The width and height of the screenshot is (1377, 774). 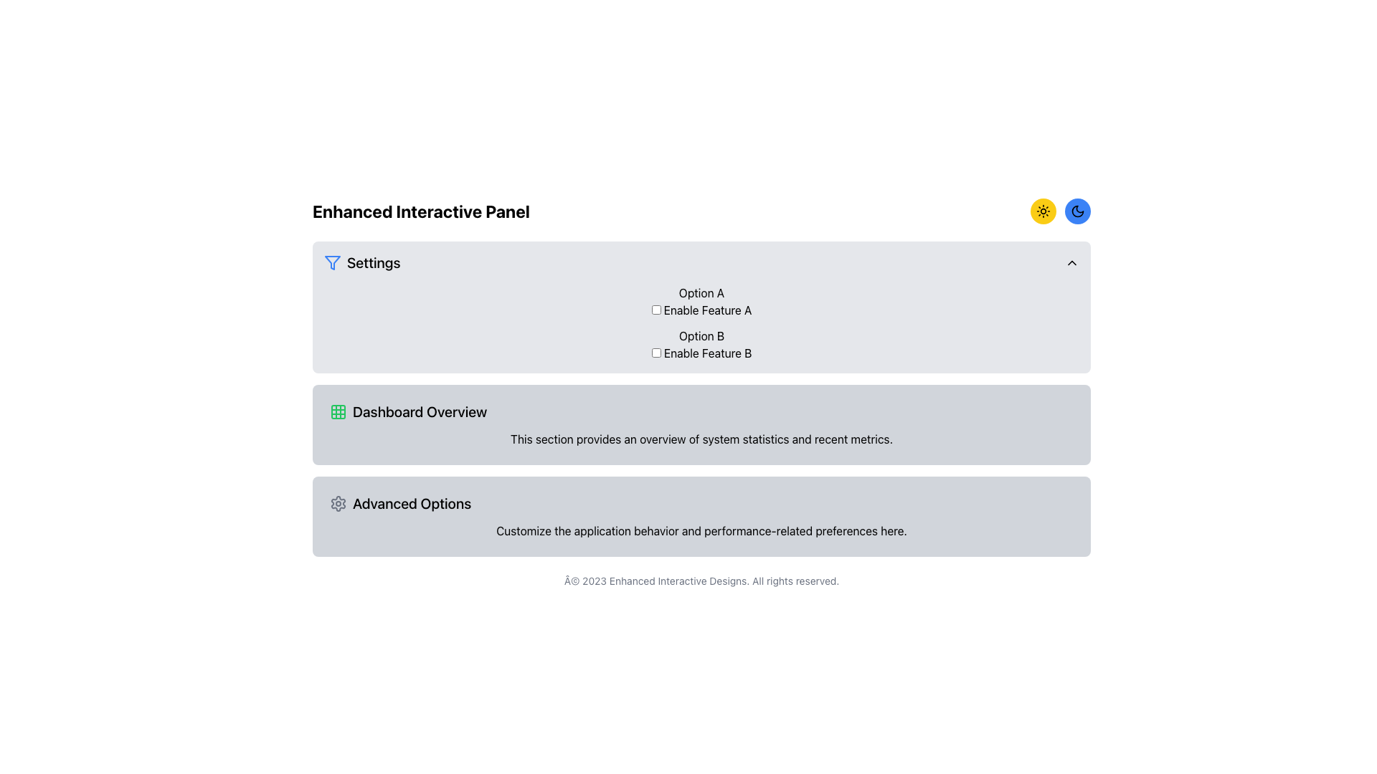 What do you see at coordinates (419, 411) in the screenshot?
I see `the 'Dashboard Overview' text label, which is styled as a heading and located beneath the 'Settings' section with a green grid icon to its left` at bounding box center [419, 411].